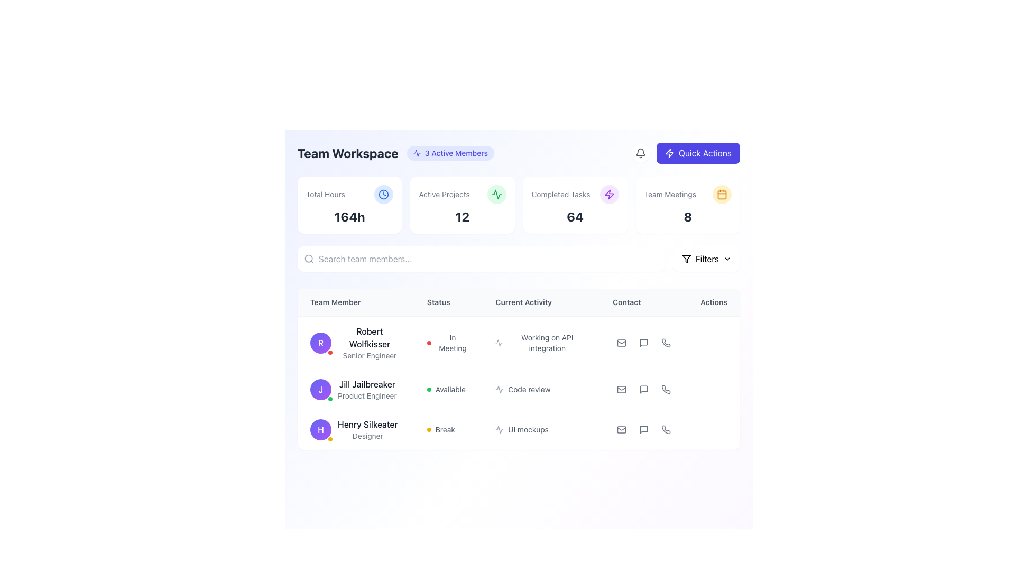 The width and height of the screenshot is (1015, 571). Describe the element at coordinates (609, 194) in the screenshot. I see `the purple lightning bolt icon inside the 'Quick Actions' circular button located in the top-right corner of the interface` at that location.